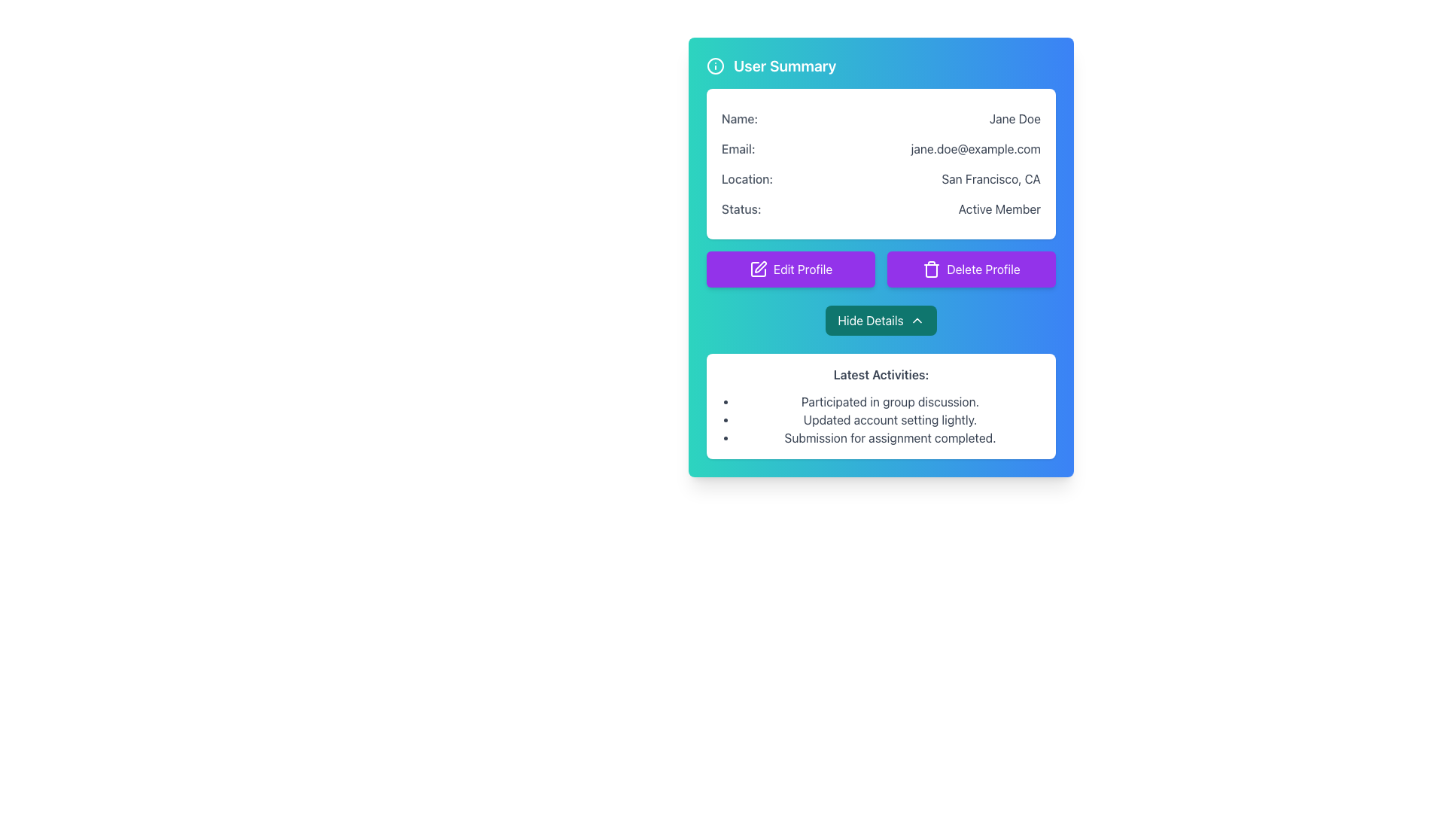 The height and width of the screenshot is (813, 1445). I want to click on the 'Hide Details' button with a dark teal background and white text, so click(881, 319).